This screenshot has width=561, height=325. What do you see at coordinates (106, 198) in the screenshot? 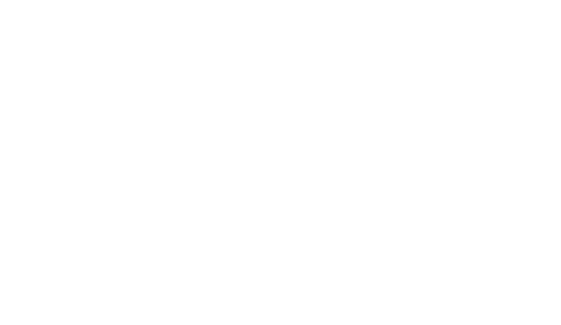
I see `'Spotted par Celinethilda'` at bounding box center [106, 198].